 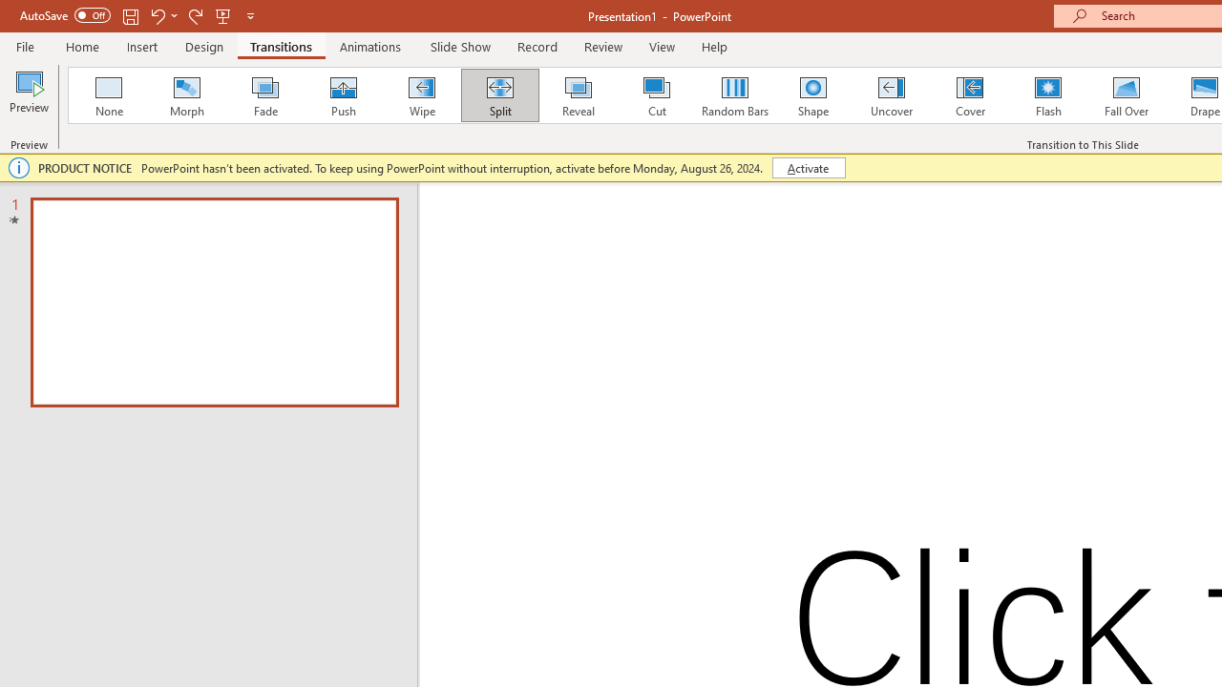 I want to click on 'Cut', so click(x=657, y=95).